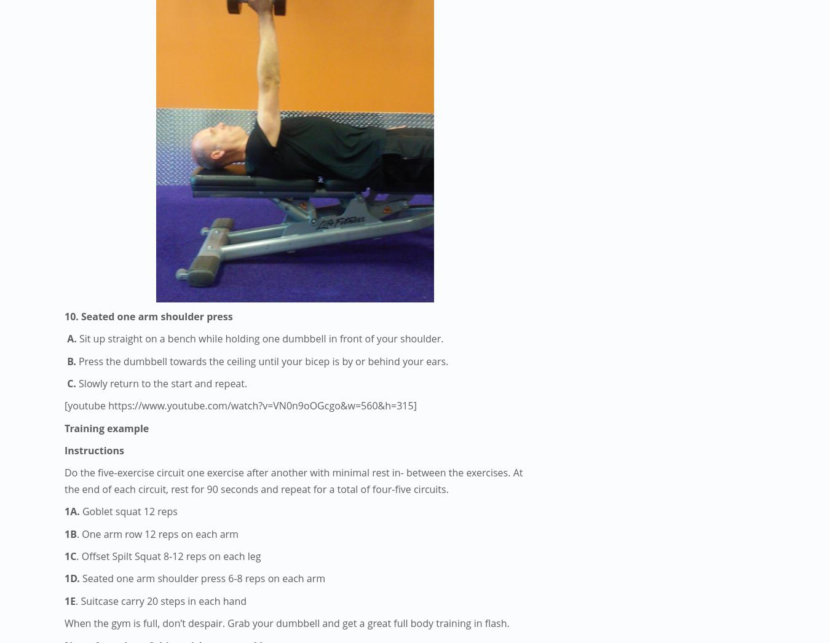 The width and height of the screenshot is (830, 643). Describe the element at coordinates (128, 511) in the screenshot. I see `'Goblet squat 12 reps'` at that location.